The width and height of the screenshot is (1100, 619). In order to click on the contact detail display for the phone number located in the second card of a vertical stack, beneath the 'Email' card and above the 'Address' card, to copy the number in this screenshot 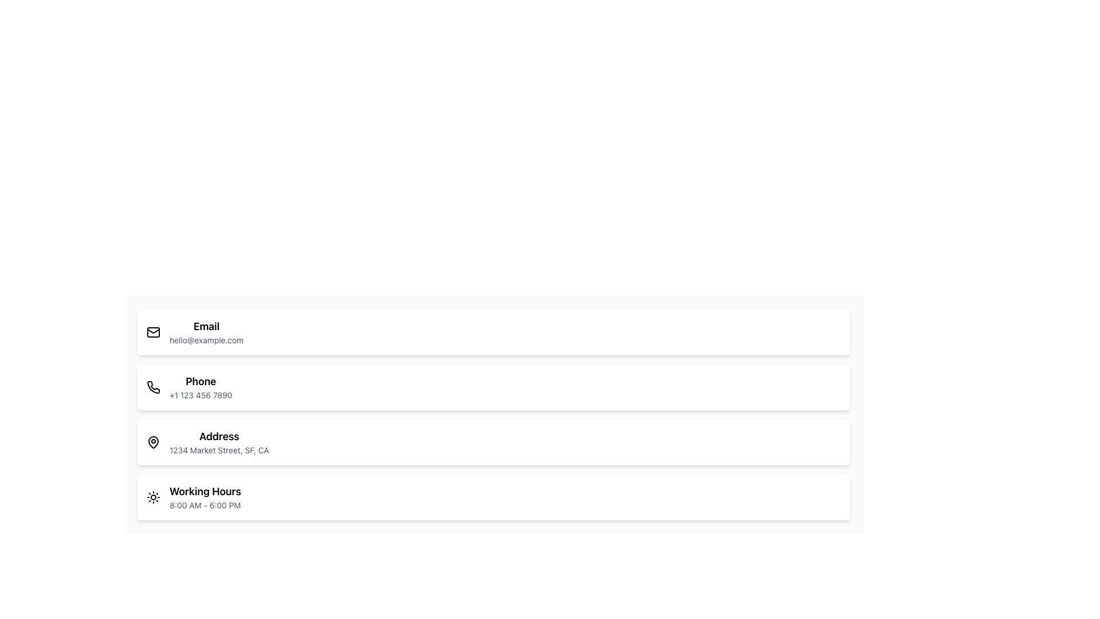, I will do `click(201, 387)`.